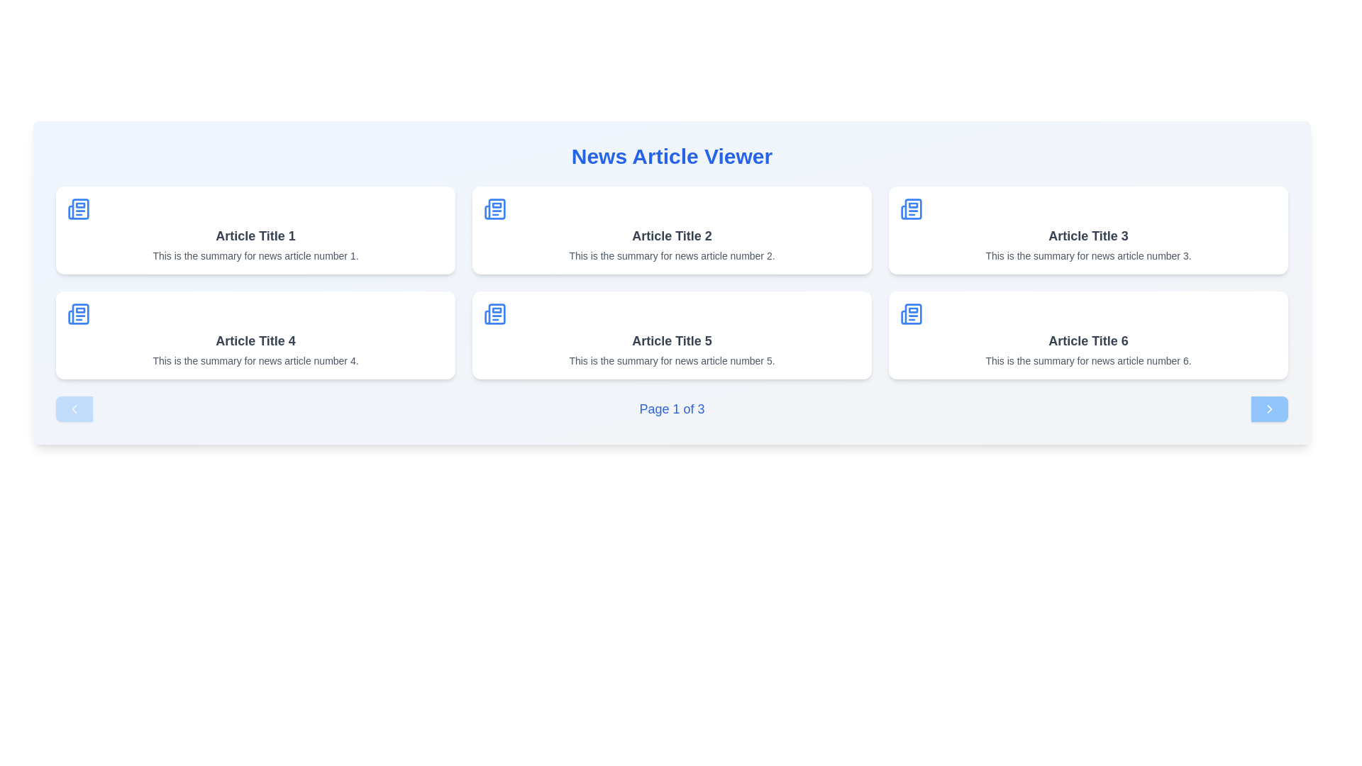 The image size is (1362, 766). Describe the element at coordinates (1087, 256) in the screenshot. I see `summary text content located in the third column of the first row in a 2x3 grid layout, specifically beneath the title of Article Title 3` at that location.